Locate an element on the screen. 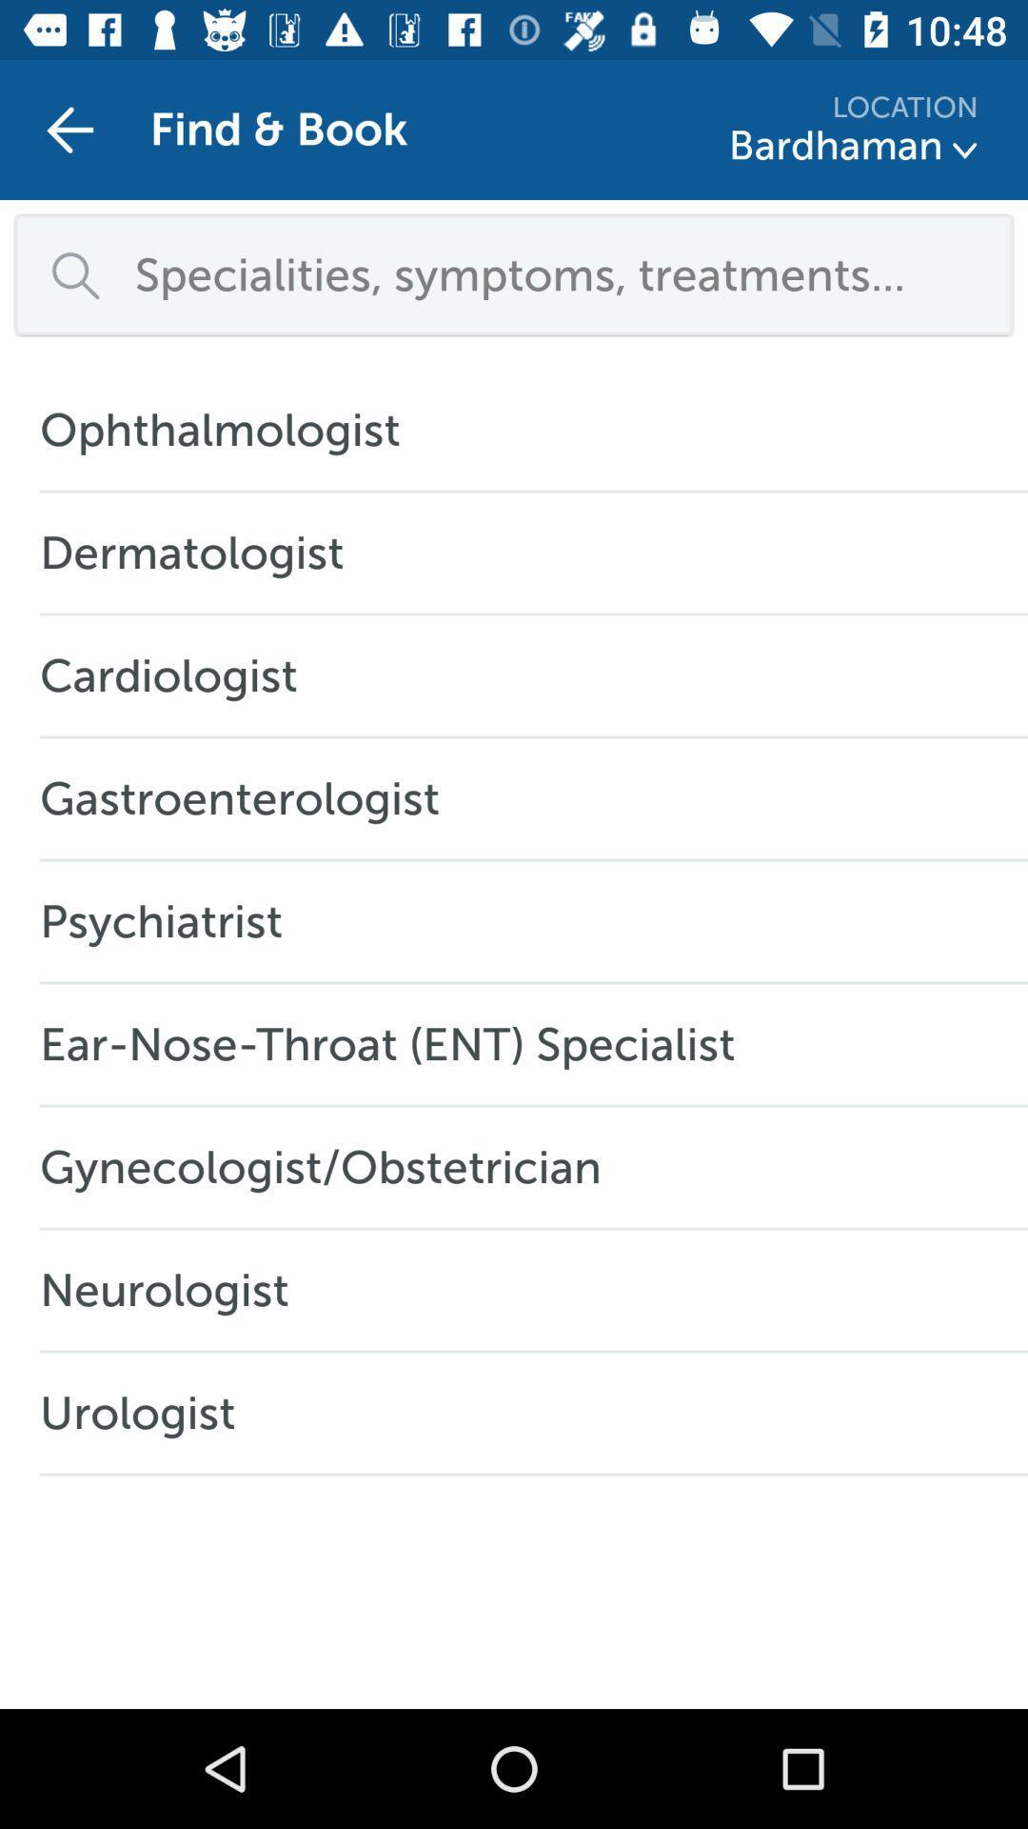  the icon above gastroenterologist item is located at coordinates (178, 675).